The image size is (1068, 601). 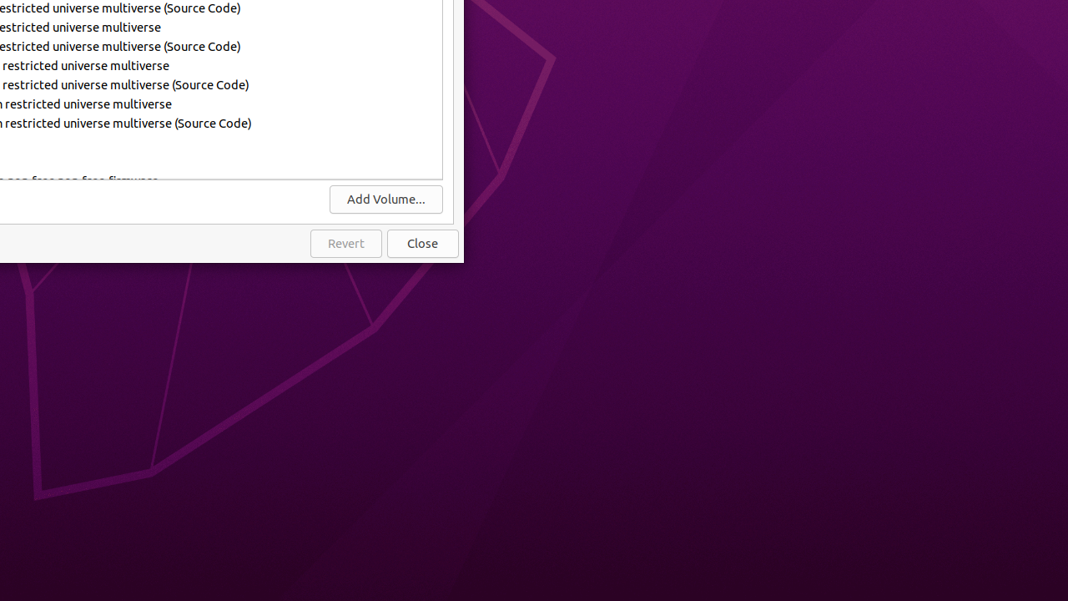 I want to click on 'Revert', so click(x=345, y=244).